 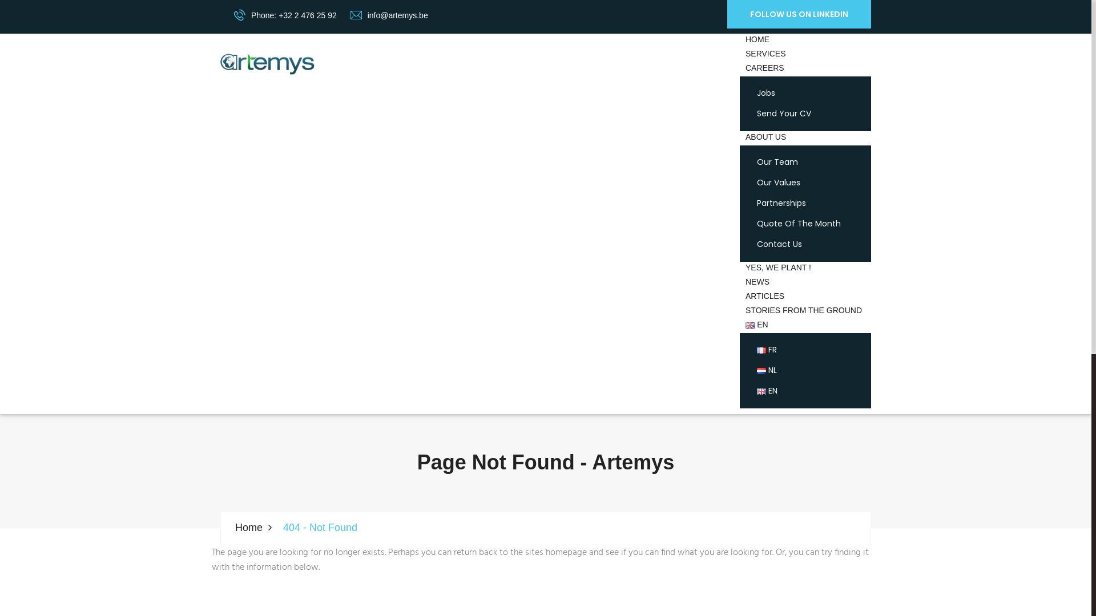 What do you see at coordinates (756, 224) in the screenshot?
I see `'Quote Of The Month'` at bounding box center [756, 224].